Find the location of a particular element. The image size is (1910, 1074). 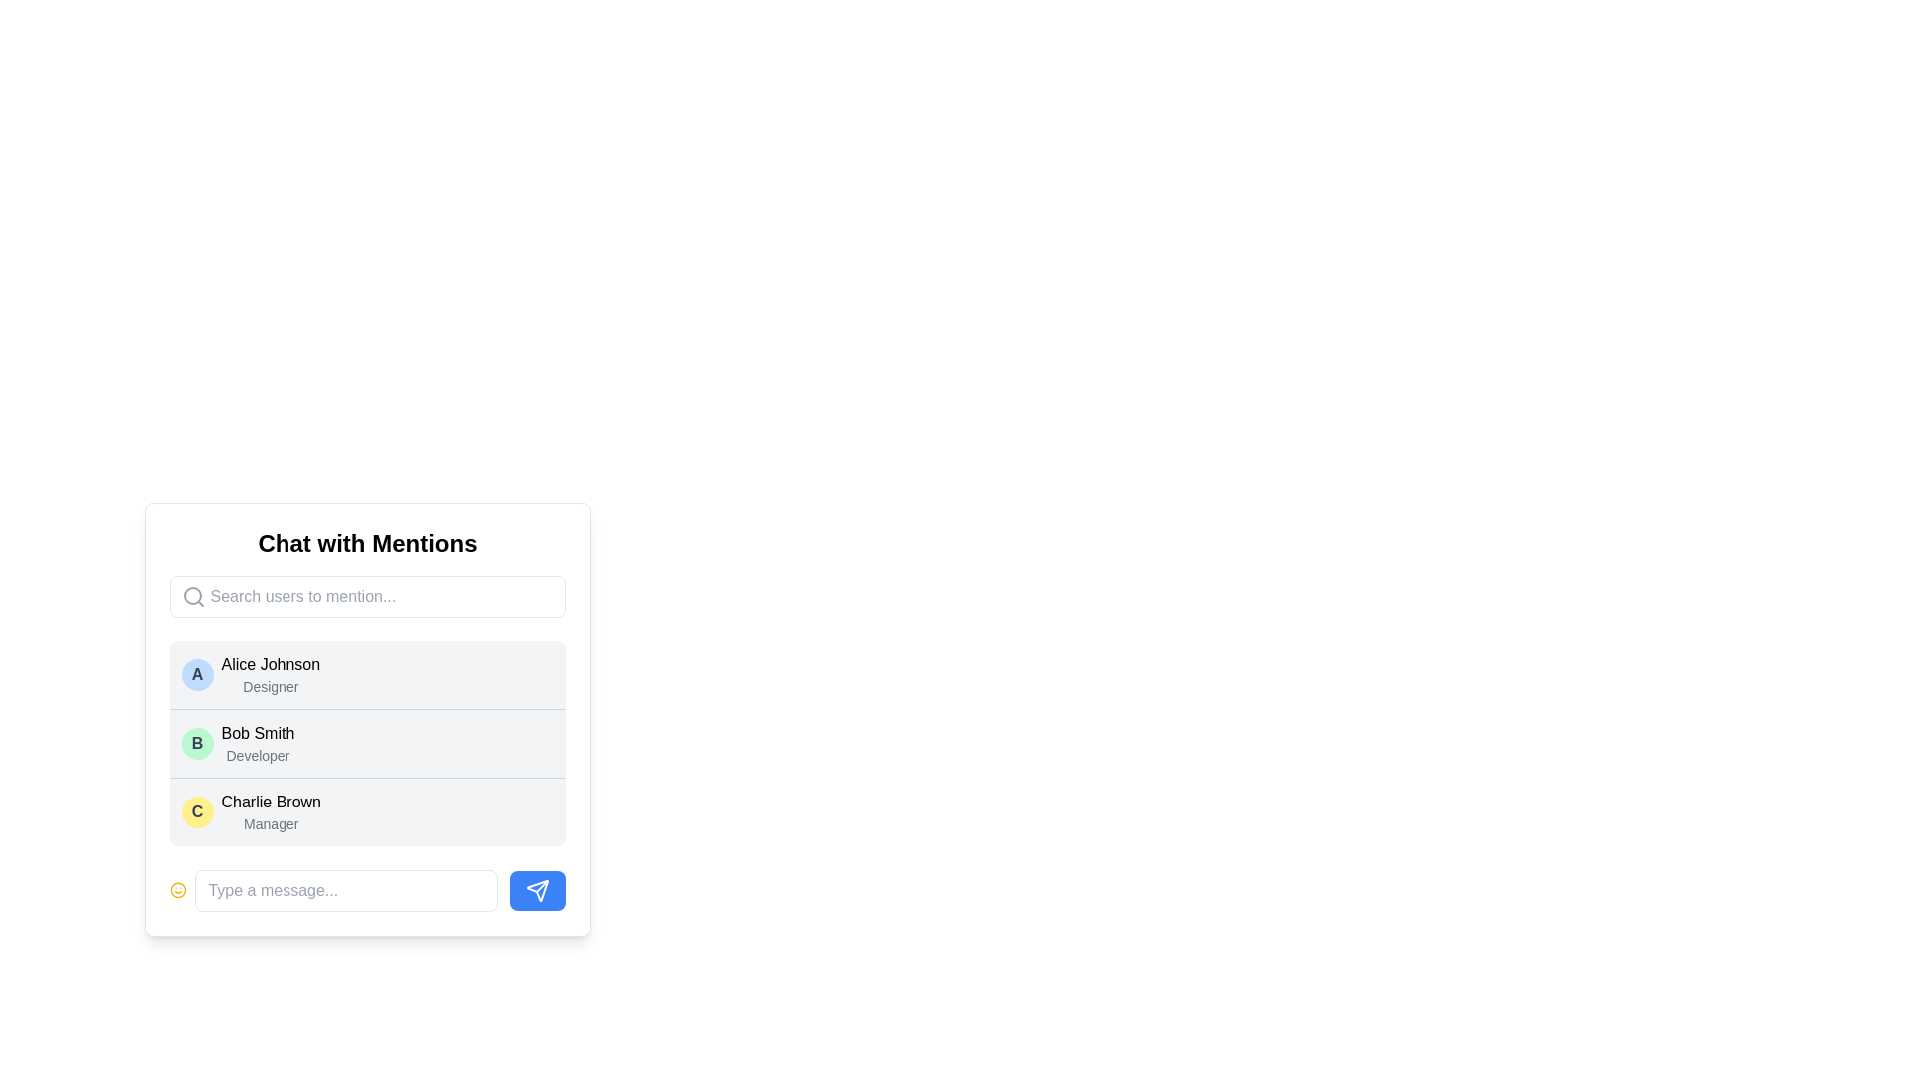

text content of the 'Designer' label located beneath the name 'Alice Johnson' in the user list entry is located at coordinates (270, 685).